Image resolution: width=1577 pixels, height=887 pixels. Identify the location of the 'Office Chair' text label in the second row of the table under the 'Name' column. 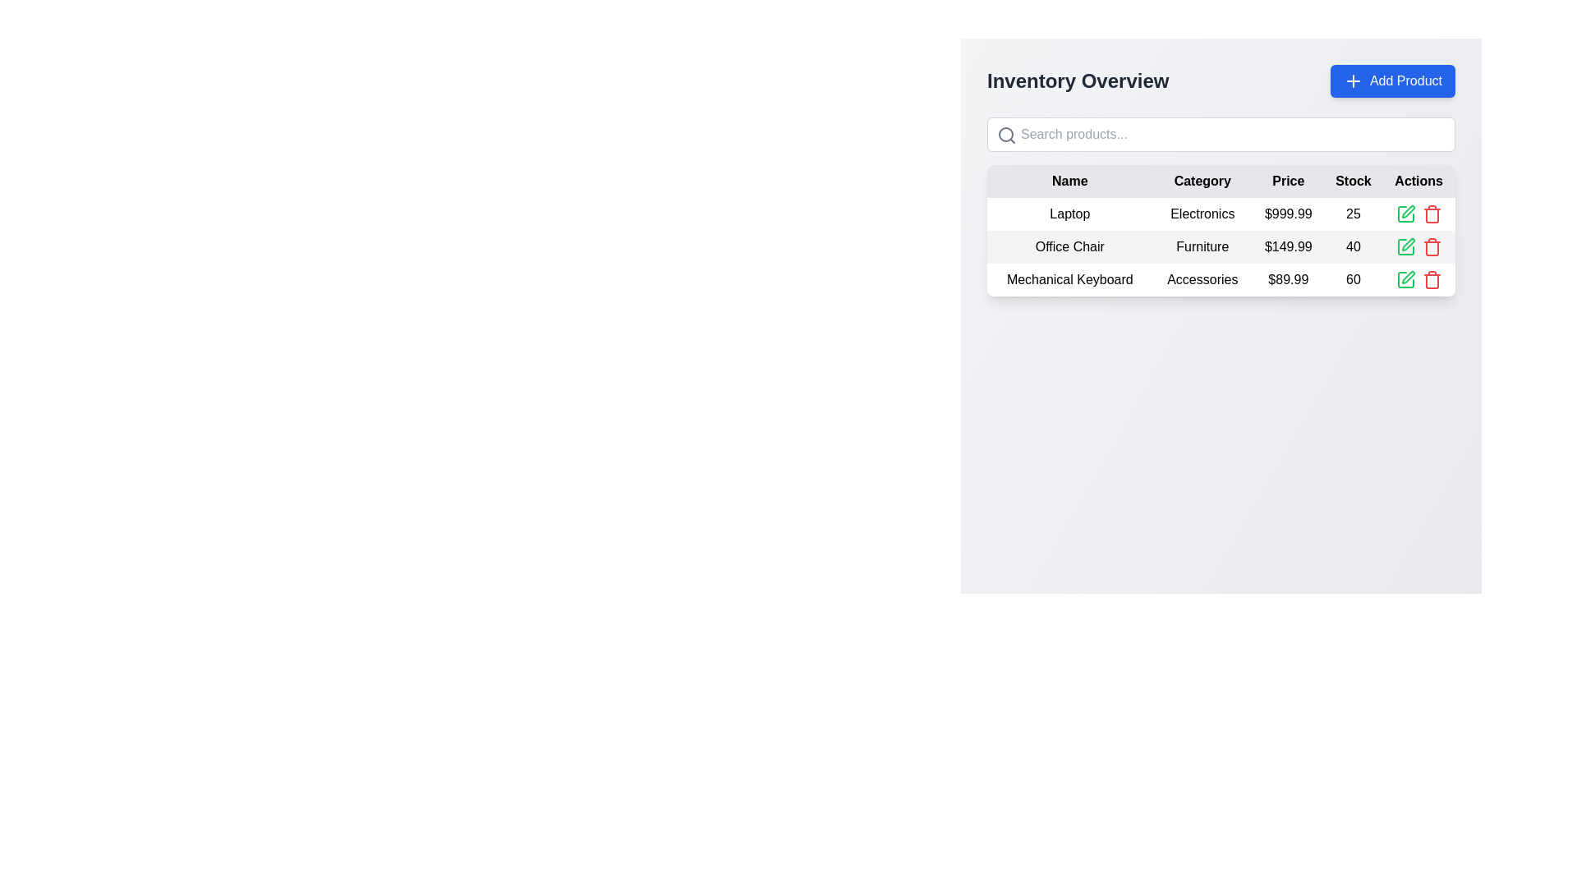
(1069, 246).